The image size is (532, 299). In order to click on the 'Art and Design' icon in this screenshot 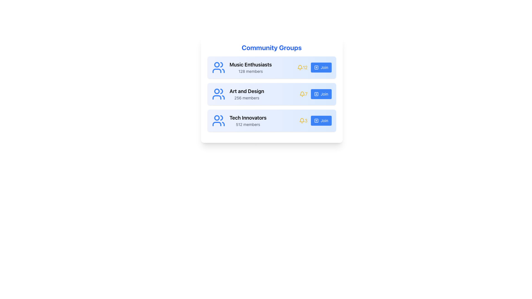, I will do `click(218, 94)`.